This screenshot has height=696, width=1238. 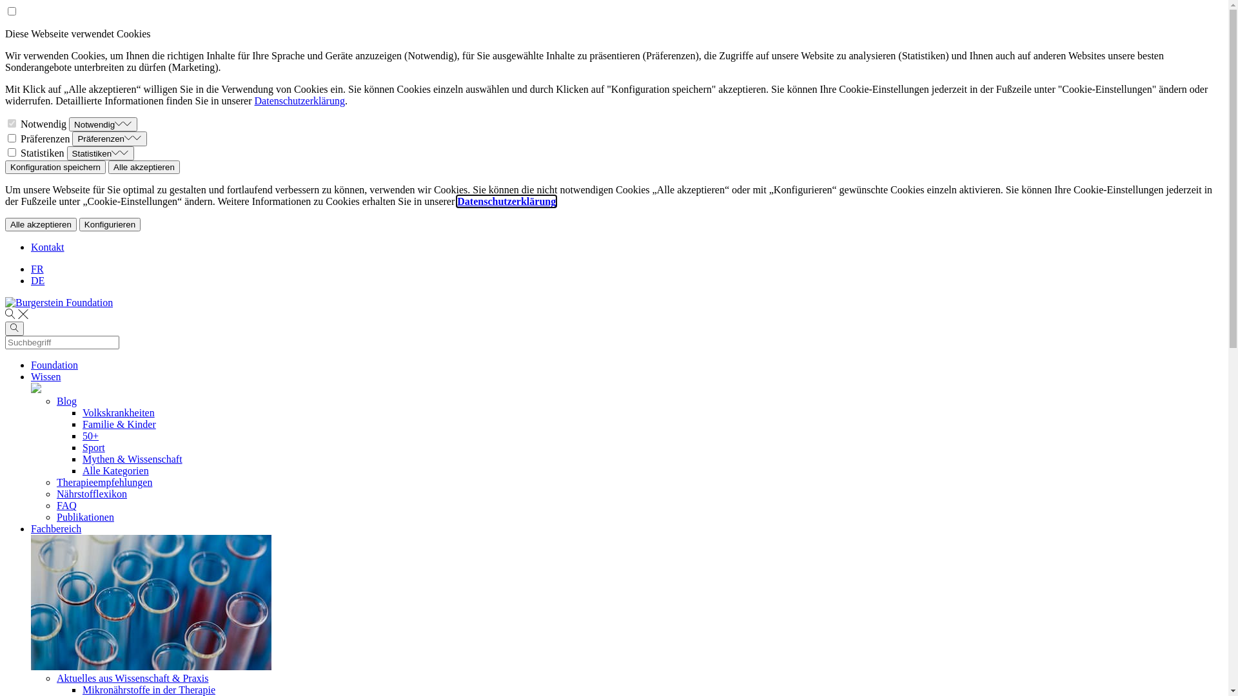 I want to click on 'Alle Kategorien', so click(x=82, y=470).